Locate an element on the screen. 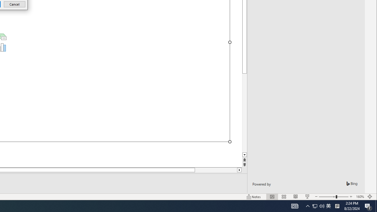 The image size is (377, 212). 'Action Center, 2 new notifications' is located at coordinates (368, 206).